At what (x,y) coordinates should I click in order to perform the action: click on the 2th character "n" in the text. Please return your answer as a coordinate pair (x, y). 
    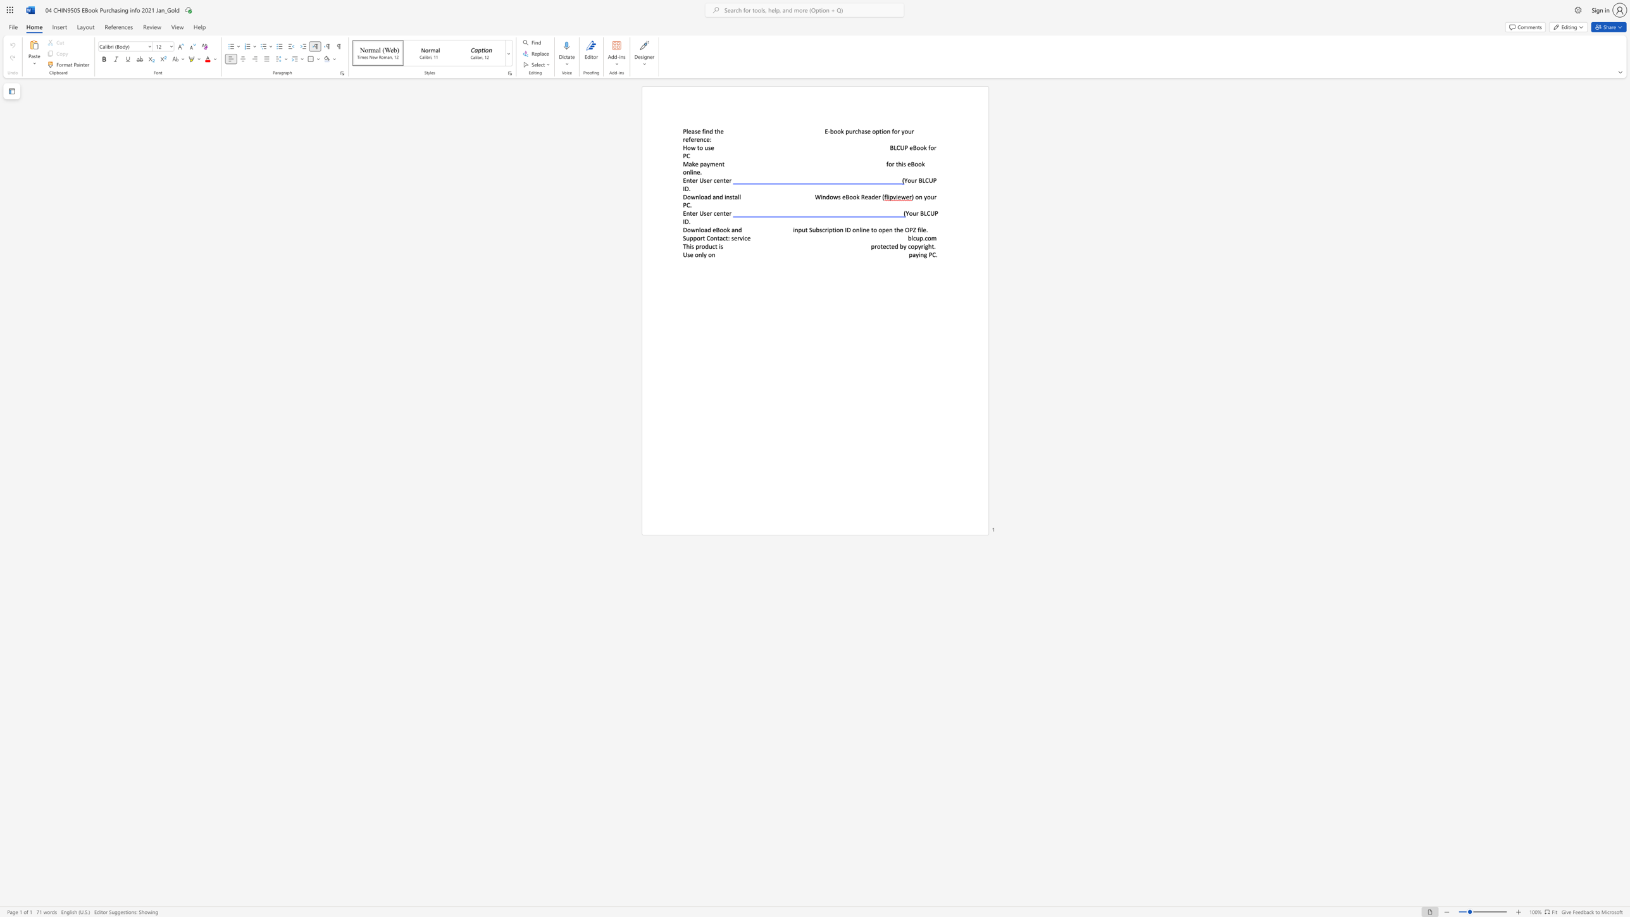
    Looking at the image, I should click on (717, 197).